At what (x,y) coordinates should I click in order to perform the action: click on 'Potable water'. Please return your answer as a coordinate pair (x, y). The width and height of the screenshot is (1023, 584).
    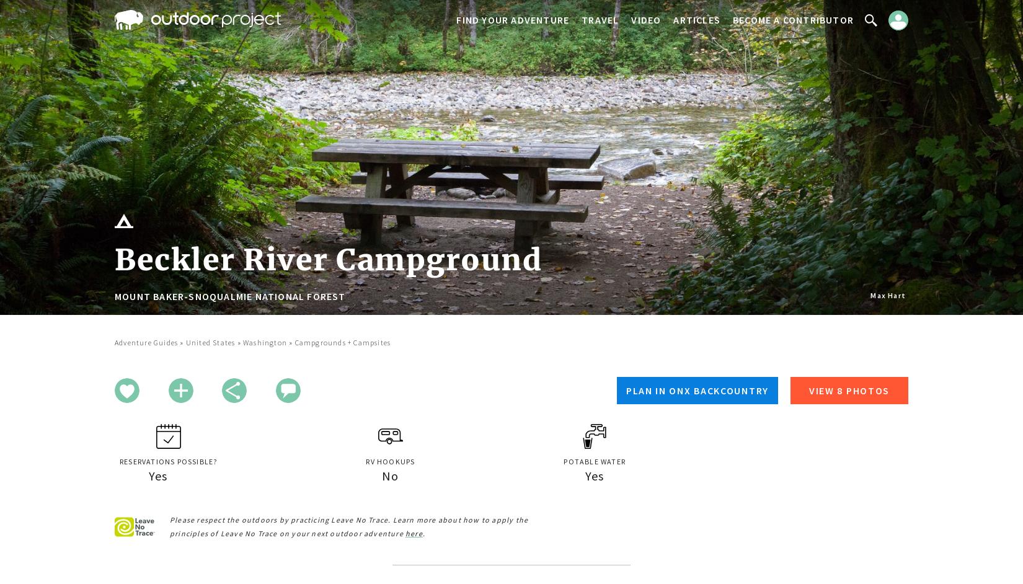
    Looking at the image, I should click on (563, 461).